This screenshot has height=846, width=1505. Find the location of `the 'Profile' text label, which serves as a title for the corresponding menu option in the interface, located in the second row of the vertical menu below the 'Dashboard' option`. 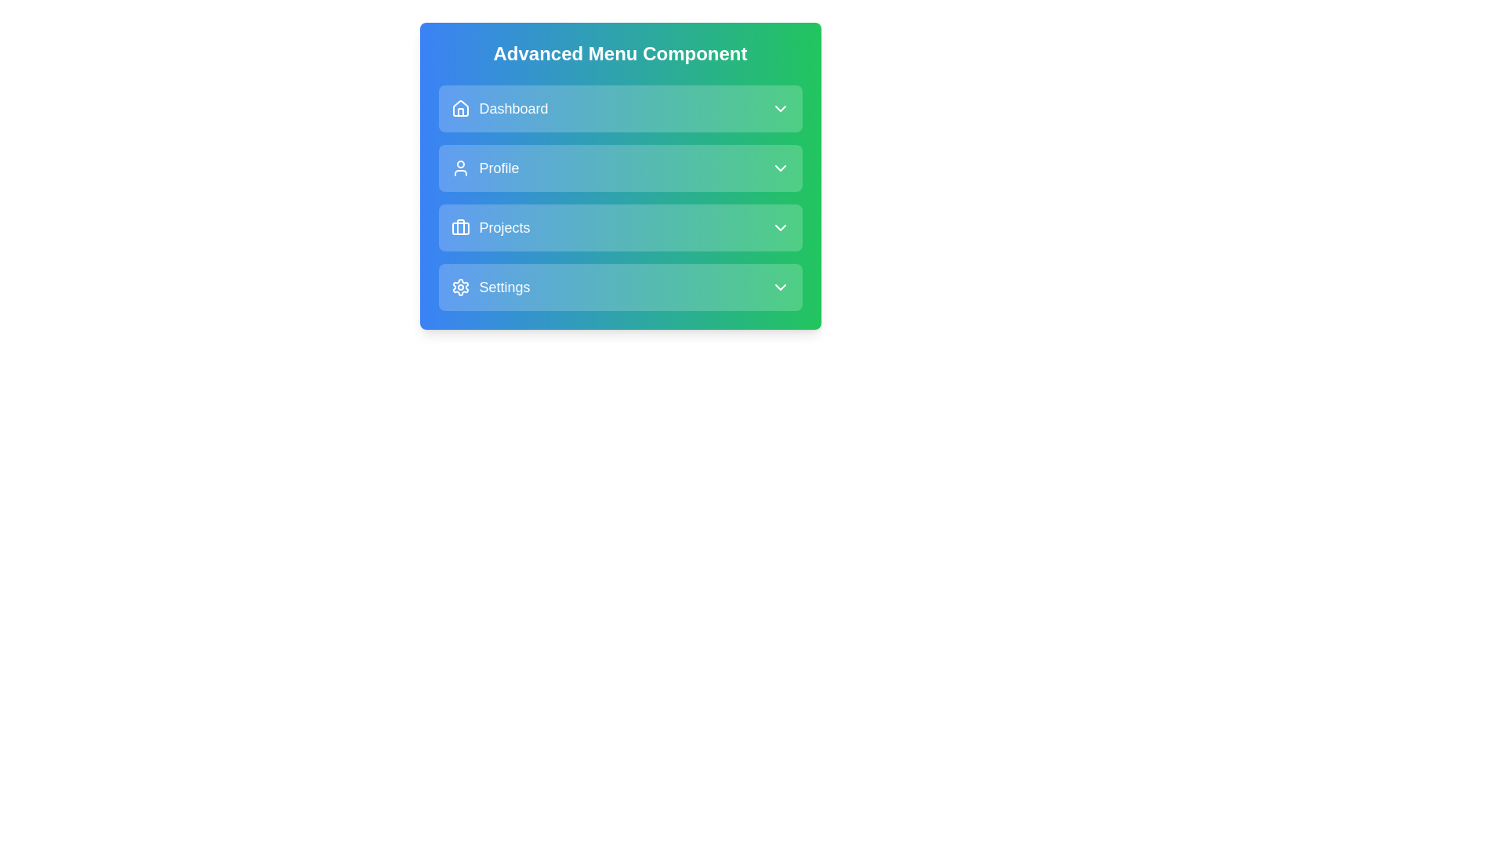

the 'Profile' text label, which serves as a title for the corresponding menu option in the interface, located in the second row of the vertical menu below the 'Dashboard' option is located at coordinates (499, 168).